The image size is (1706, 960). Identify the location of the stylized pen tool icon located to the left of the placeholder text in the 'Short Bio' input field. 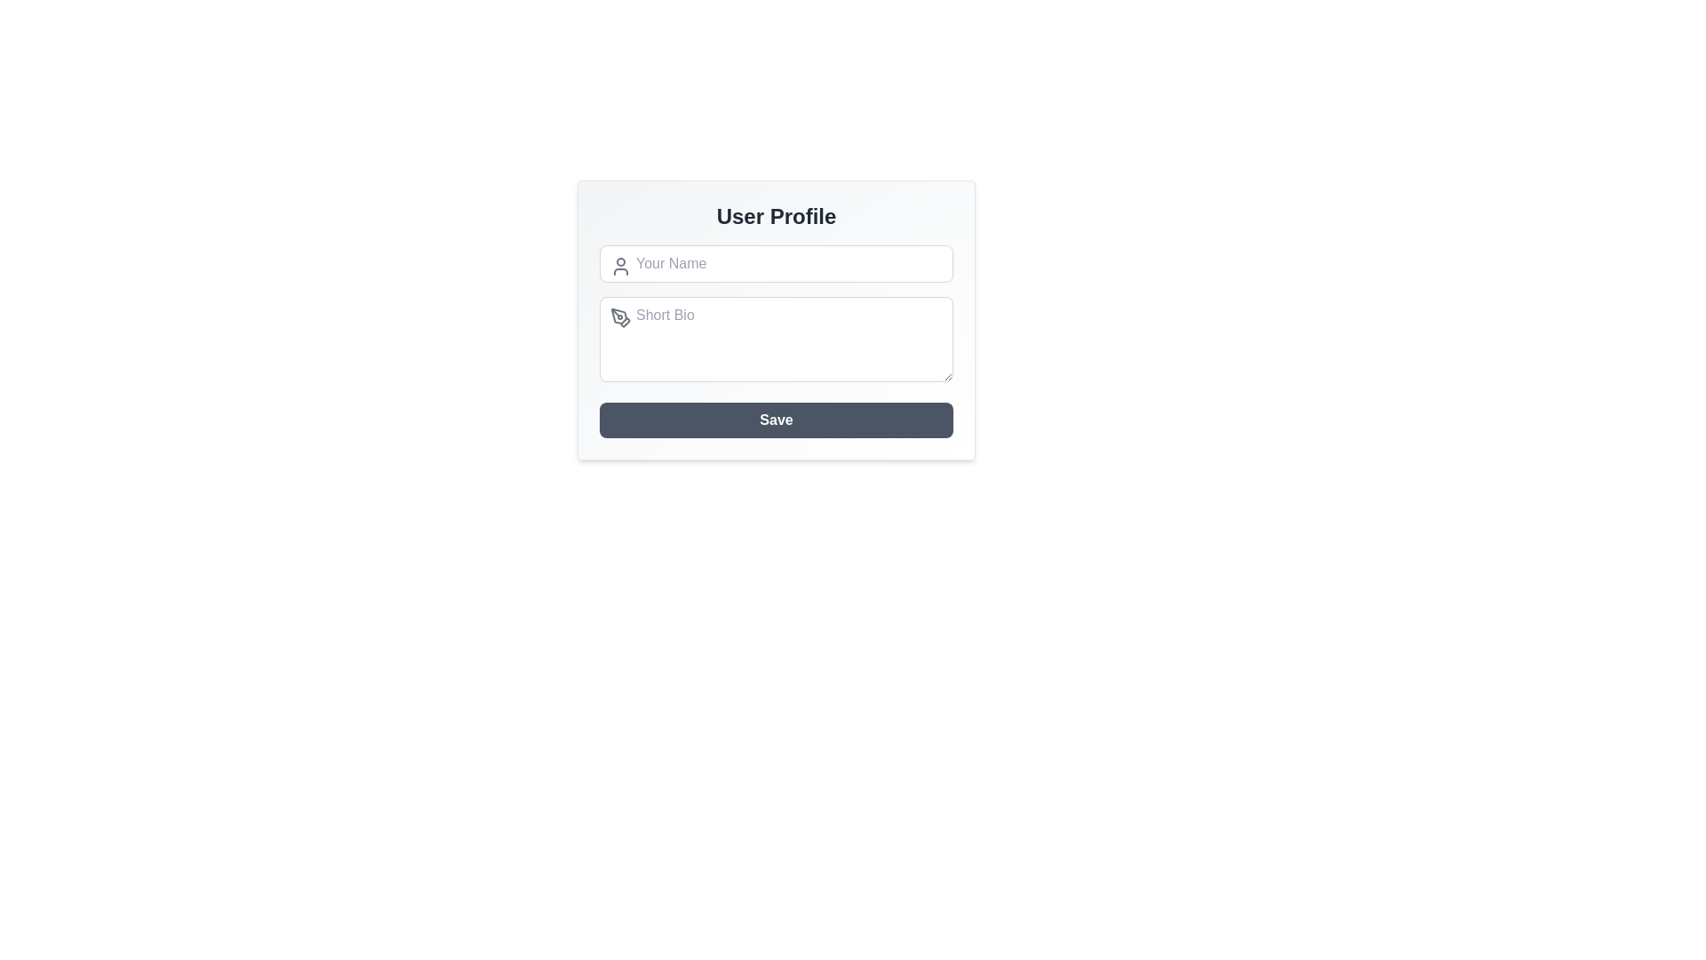
(626, 322).